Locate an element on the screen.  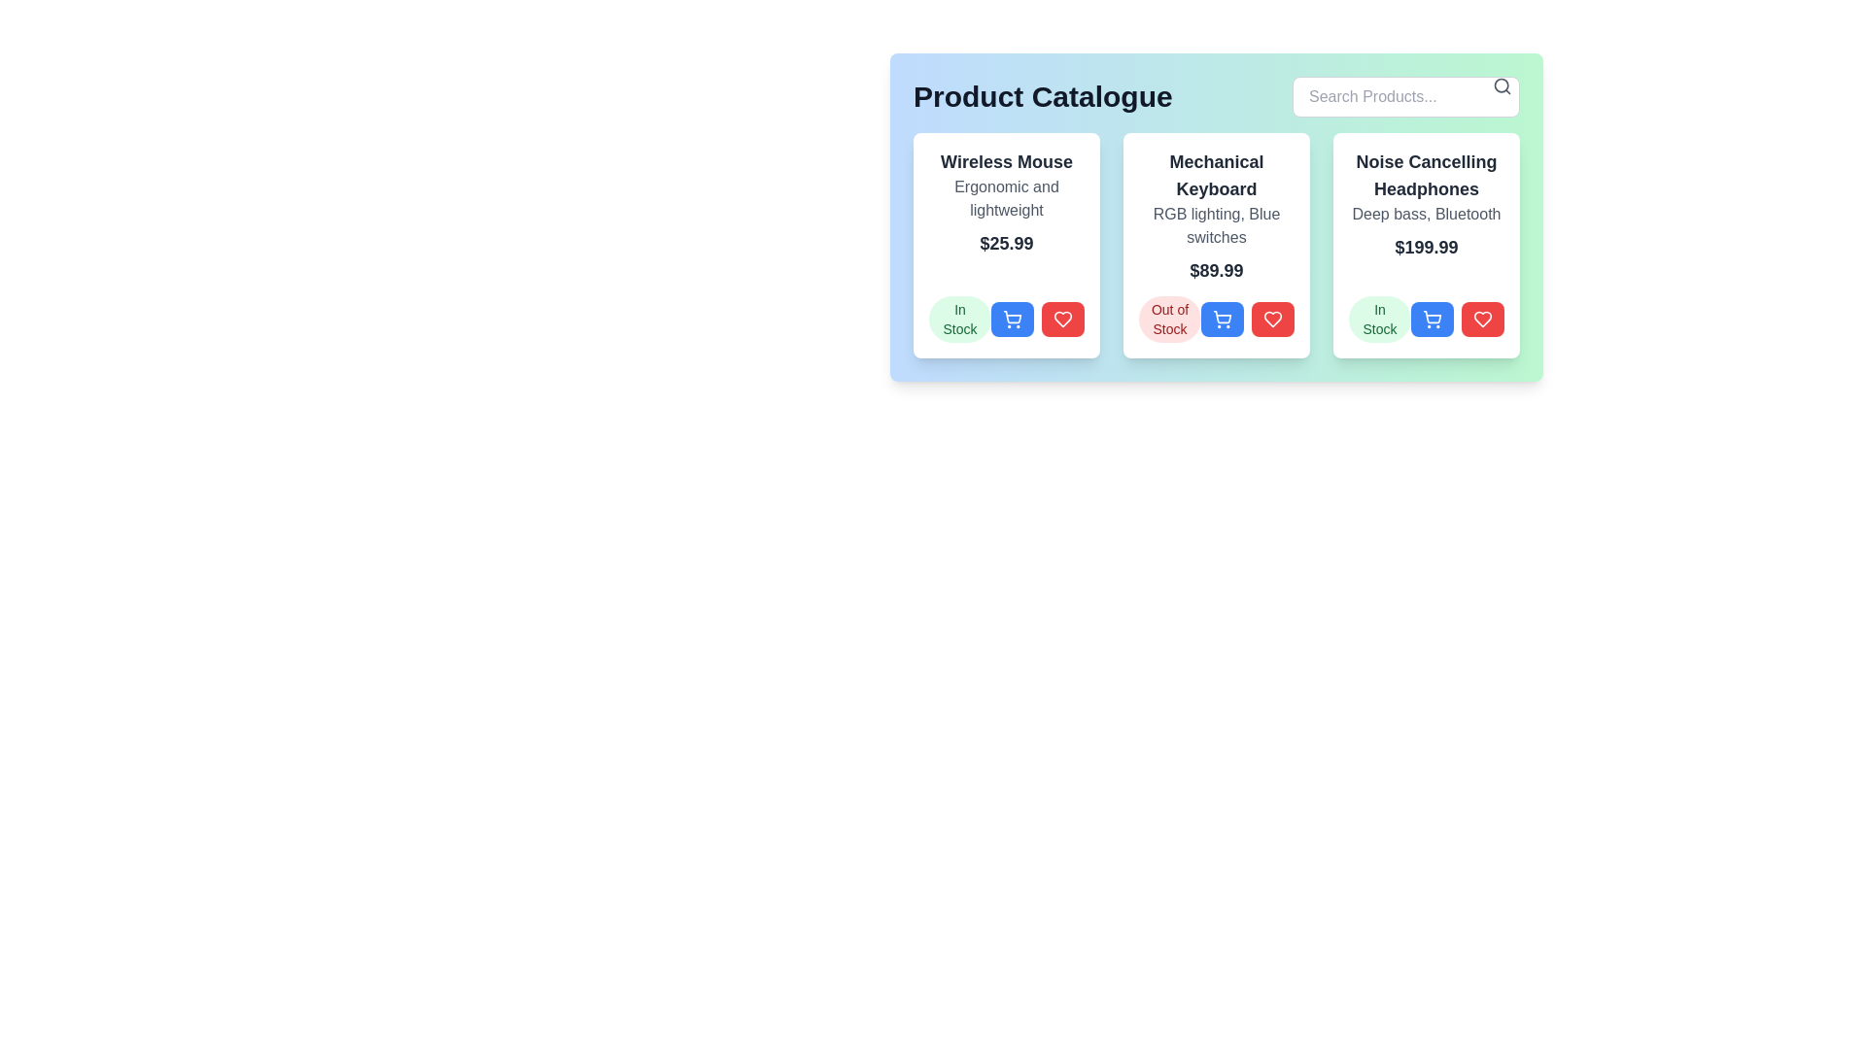
the search bar located at the top-right corner of the 'Product Catalogue' to focus on it for text input is located at coordinates (1405, 97).